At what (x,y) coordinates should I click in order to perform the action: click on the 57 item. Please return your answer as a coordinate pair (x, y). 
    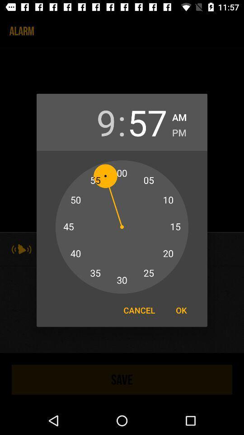
    Looking at the image, I should click on (147, 121).